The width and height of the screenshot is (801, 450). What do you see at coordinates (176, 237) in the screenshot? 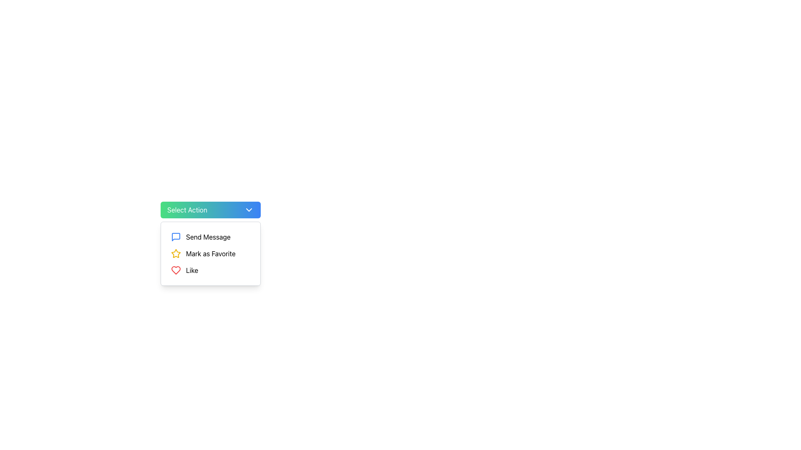
I see `the message bubble icon with a blue outline located in the dropdown menu` at bounding box center [176, 237].